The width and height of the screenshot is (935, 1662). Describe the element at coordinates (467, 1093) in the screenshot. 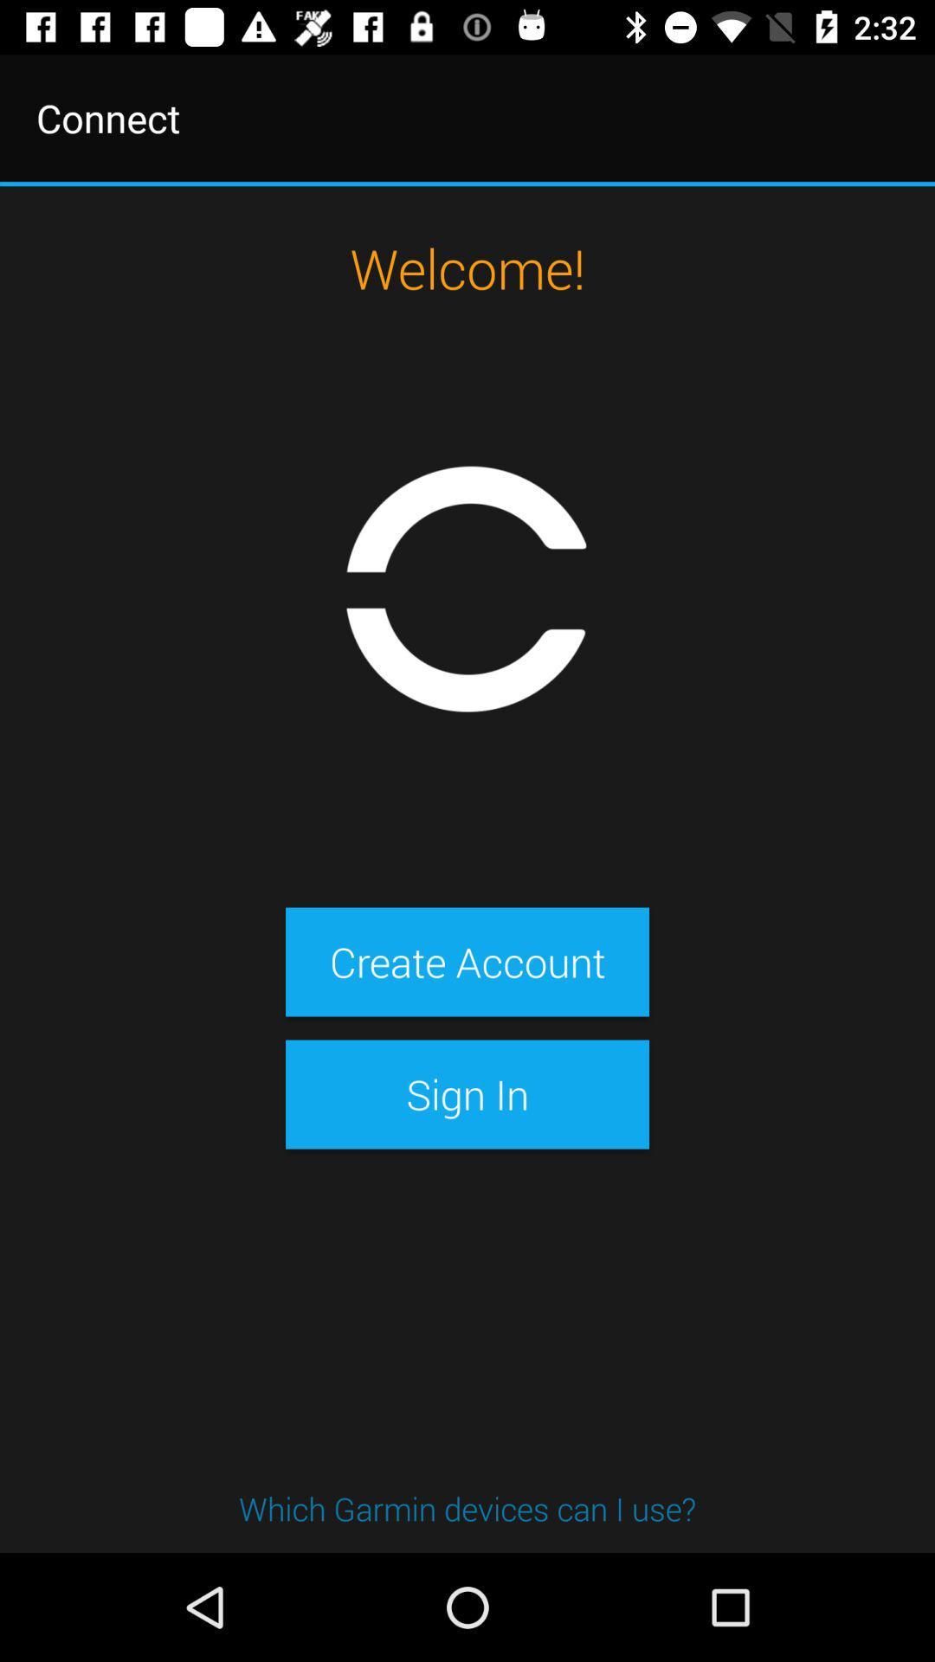

I see `the sign in item` at that location.